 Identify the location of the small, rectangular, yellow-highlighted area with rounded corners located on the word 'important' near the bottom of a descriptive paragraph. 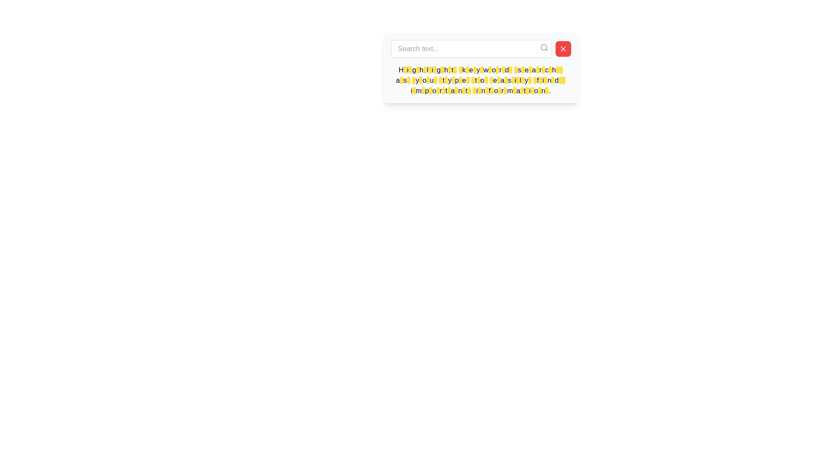
(456, 91).